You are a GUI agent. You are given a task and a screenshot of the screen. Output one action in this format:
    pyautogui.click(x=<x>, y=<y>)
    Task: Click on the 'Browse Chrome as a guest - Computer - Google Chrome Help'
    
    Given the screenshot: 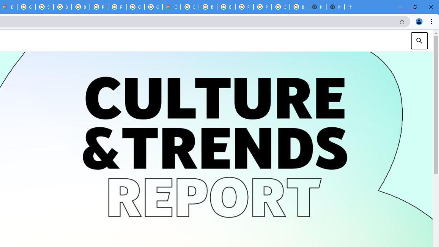 What is the action you would take?
    pyautogui.click(x=81, y=7)
    